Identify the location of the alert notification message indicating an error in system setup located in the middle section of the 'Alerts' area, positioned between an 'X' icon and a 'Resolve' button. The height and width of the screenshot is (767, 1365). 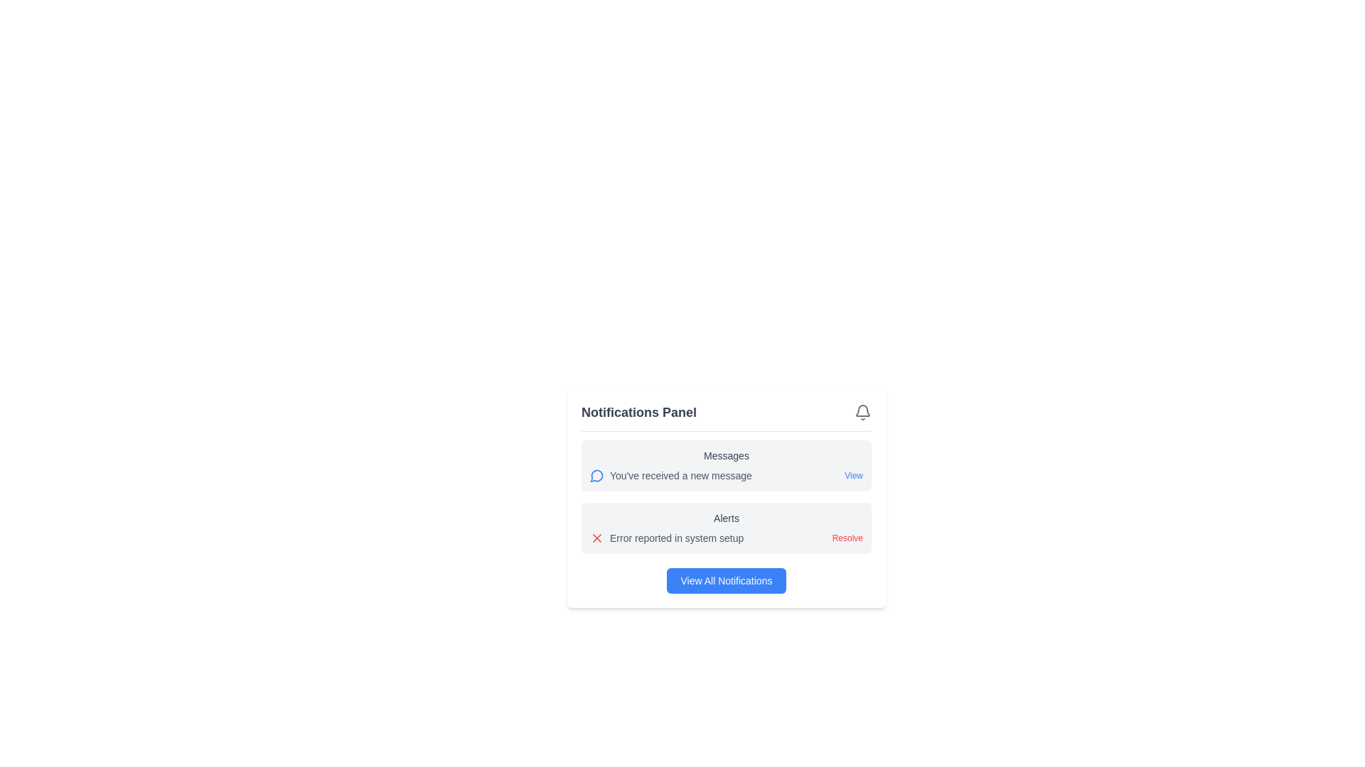
(676, 538).